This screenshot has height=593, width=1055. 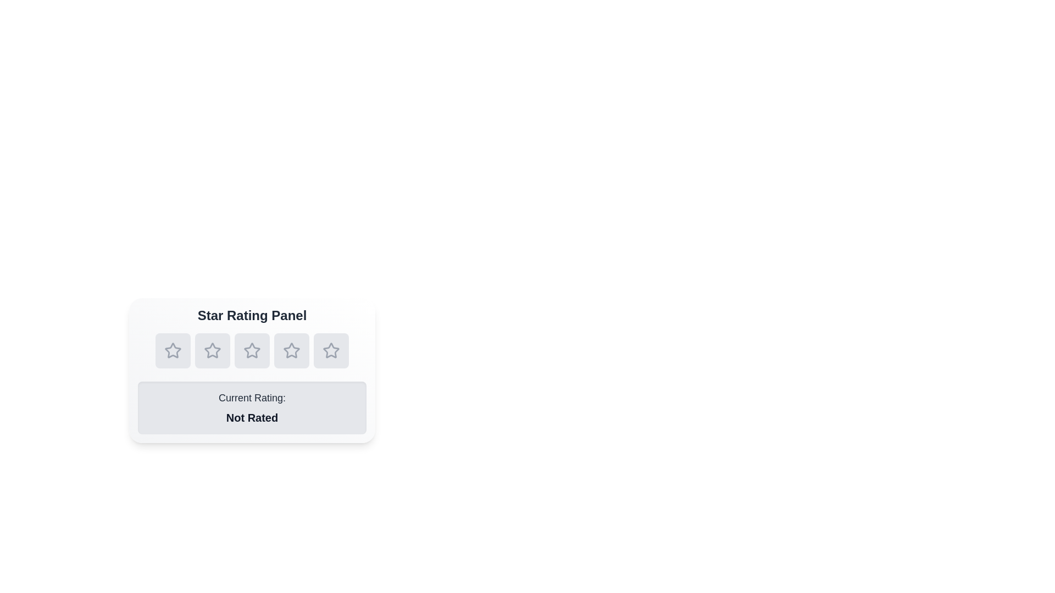 I want to click on the third star icon in the star rating panel, so click(x=292, y=351).